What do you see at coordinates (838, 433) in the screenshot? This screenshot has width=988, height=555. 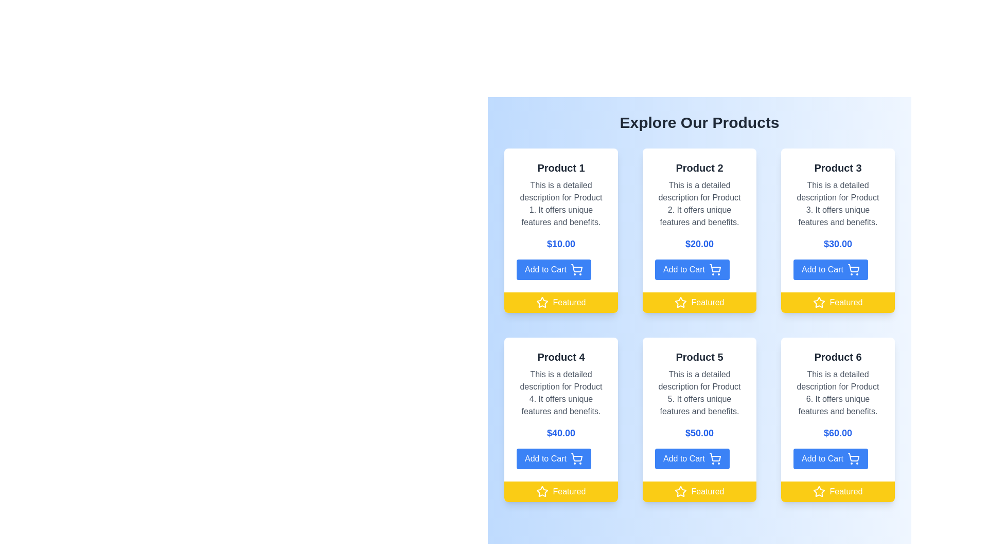 I see `text of the Price Label displaying '$60.00' in a large, bold, blue font, located below the product description and above the 'Add to Cart' button within the 'Product 6' card` at bounding box center [838, 433].